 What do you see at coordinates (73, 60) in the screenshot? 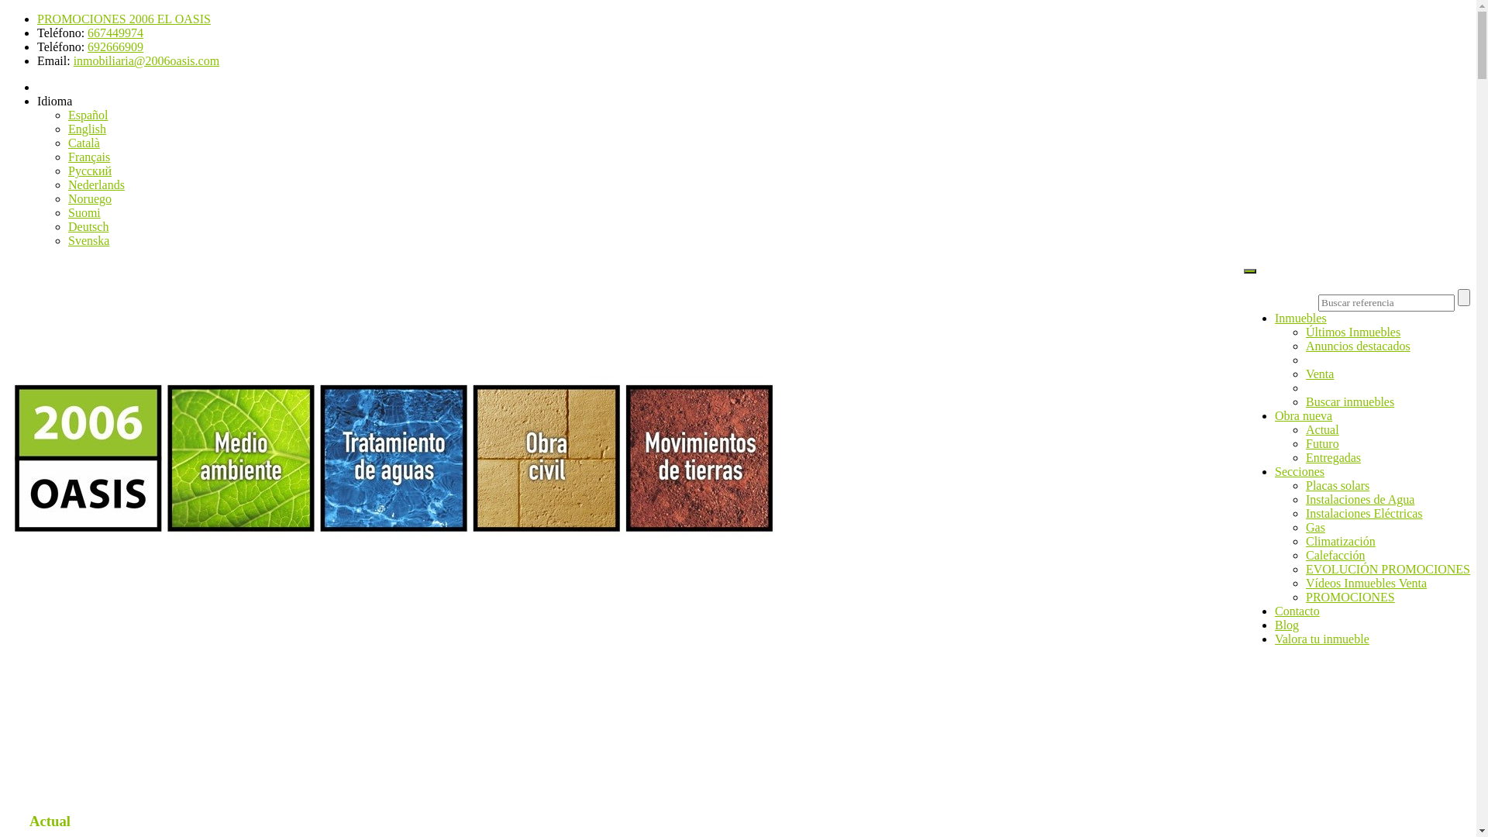
I see `'inmobiliaria@2006oasis.com'` at bounding box center [73, 60].